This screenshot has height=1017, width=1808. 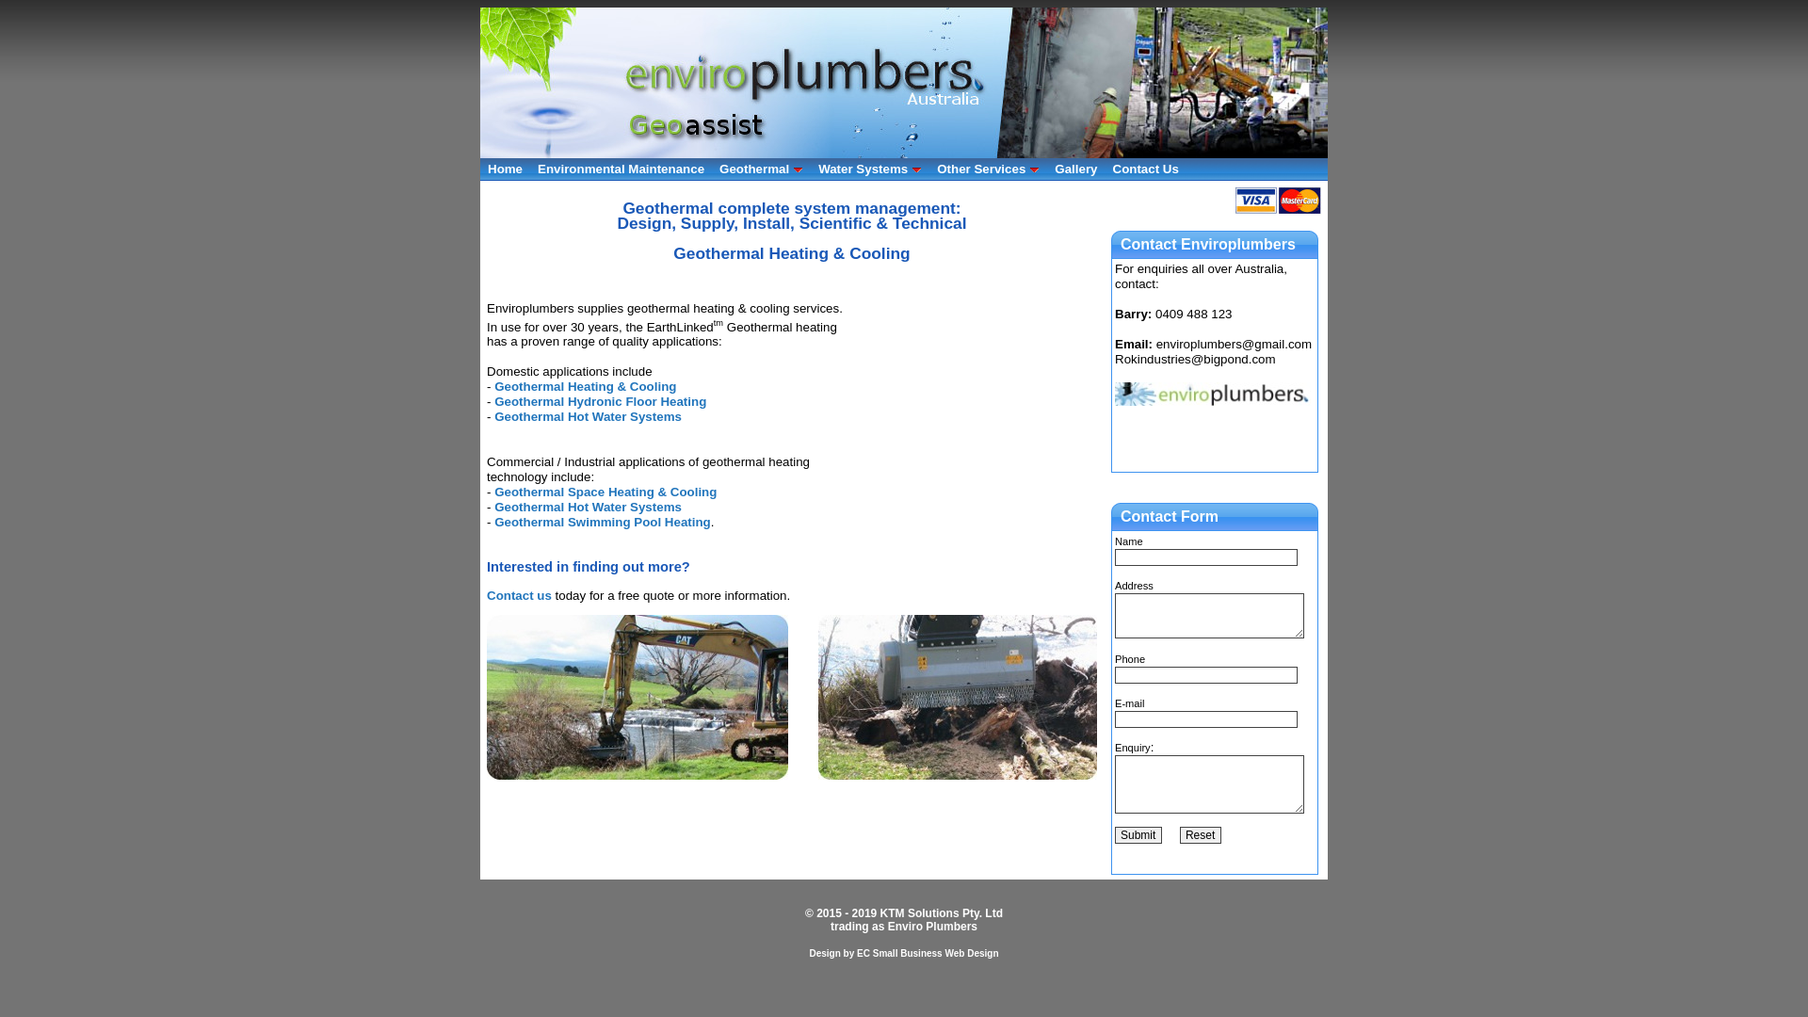 What do you see at coordinates (1138, 834) in the screenshot?
I see `'Submit'` at bounding box center [1138, 834].